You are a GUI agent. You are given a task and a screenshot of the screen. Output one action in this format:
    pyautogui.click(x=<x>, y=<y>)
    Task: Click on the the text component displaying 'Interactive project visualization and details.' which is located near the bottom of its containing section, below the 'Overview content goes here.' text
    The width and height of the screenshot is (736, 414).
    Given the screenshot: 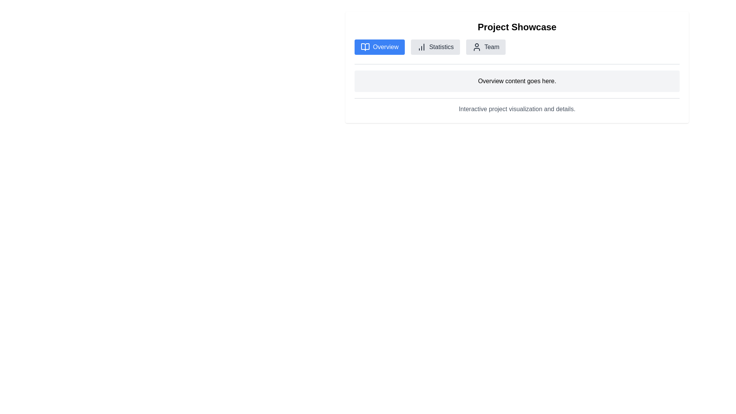 What is the action you would take?
    pyautogui.click(x=517, y=109)
    